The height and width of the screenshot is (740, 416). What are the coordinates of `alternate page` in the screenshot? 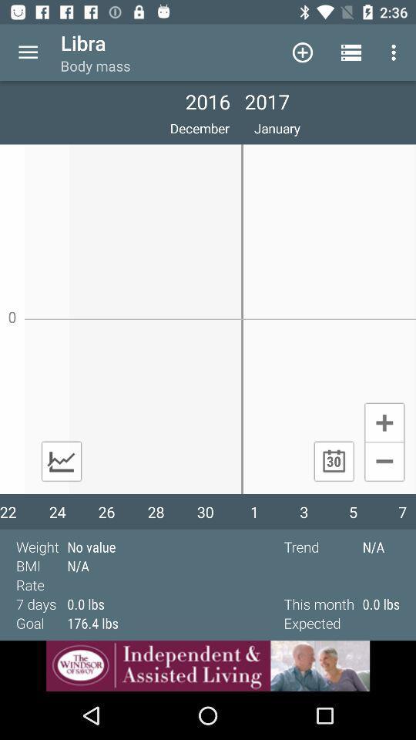 It's located at (61, 461).